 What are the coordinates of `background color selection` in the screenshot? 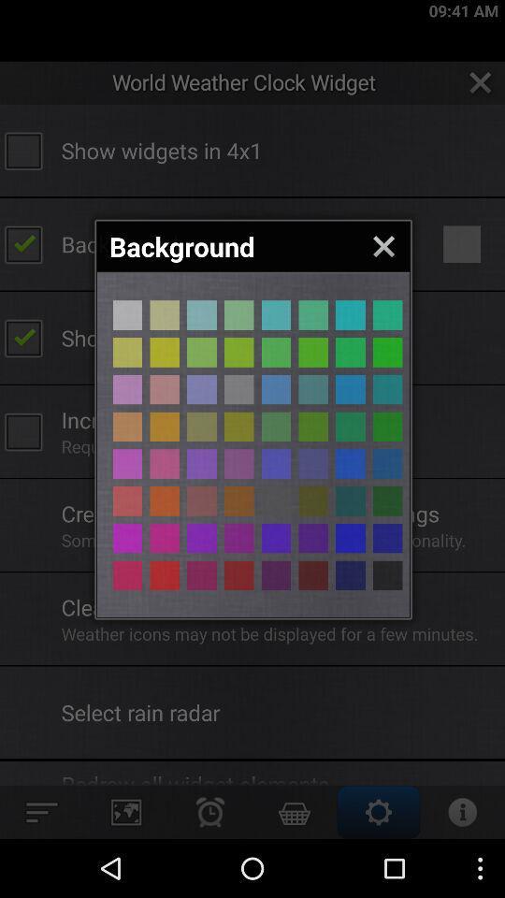 It's located at (350, 315).